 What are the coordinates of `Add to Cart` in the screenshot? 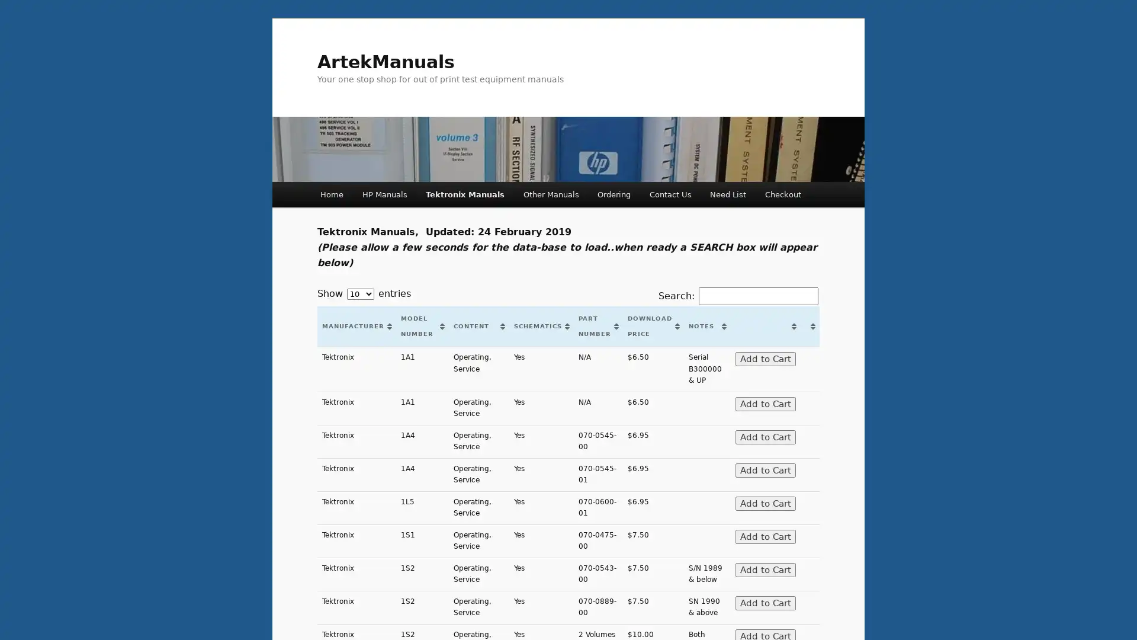 It's located at (765, 469).